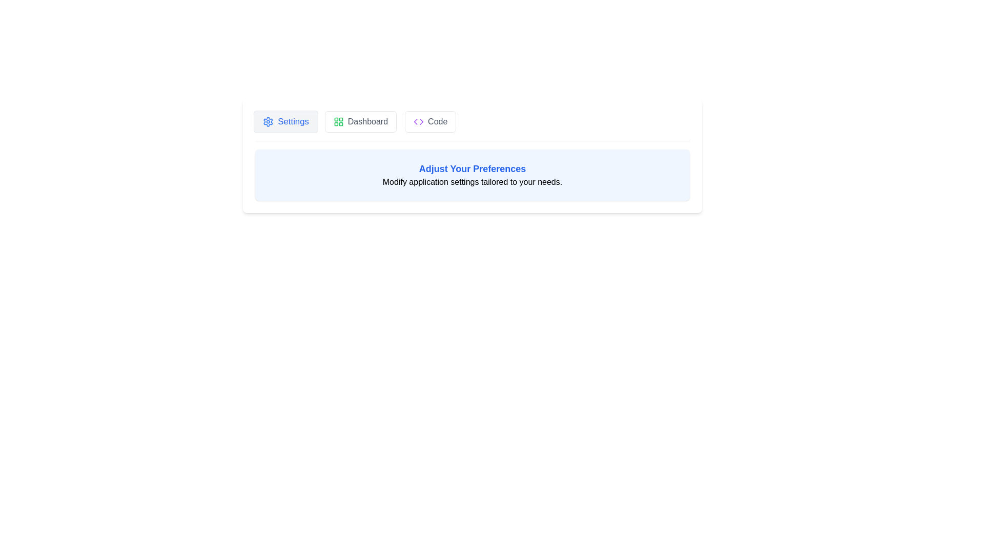 This screenshot has height=553, width=984. I want to click on the Code tab by clicking its corresponding button, so click(430, 121).